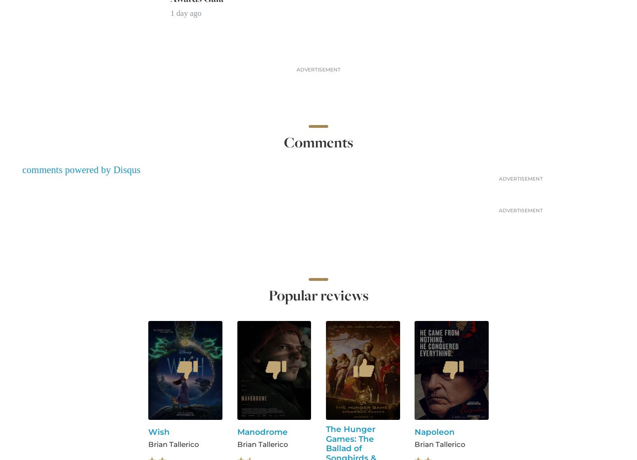 This screenshot has height=460, width=637. Describe the element at coordinates (262, 432) in the screenshot. I see `'Manodrome'` at that location.